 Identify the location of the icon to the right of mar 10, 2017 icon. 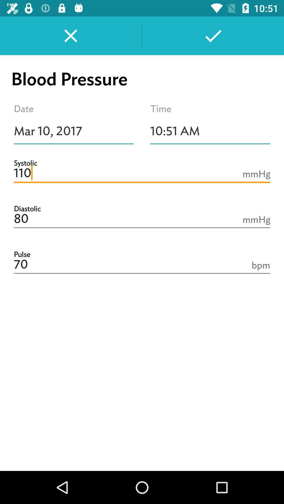
(210, 131).